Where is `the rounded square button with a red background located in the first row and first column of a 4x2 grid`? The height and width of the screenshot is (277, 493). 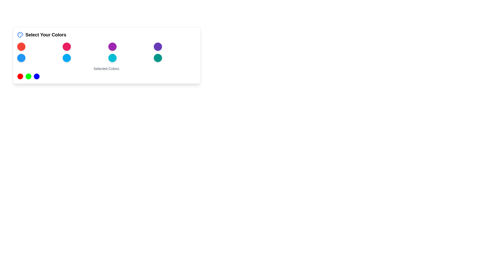
the rounded square button with a red background located in the first row and first column of a 4x2 grid is located at coordinates (21, 46).